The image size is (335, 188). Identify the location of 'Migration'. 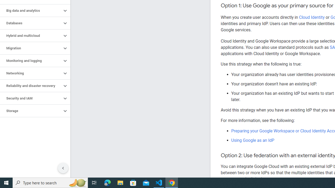
(31, 48).